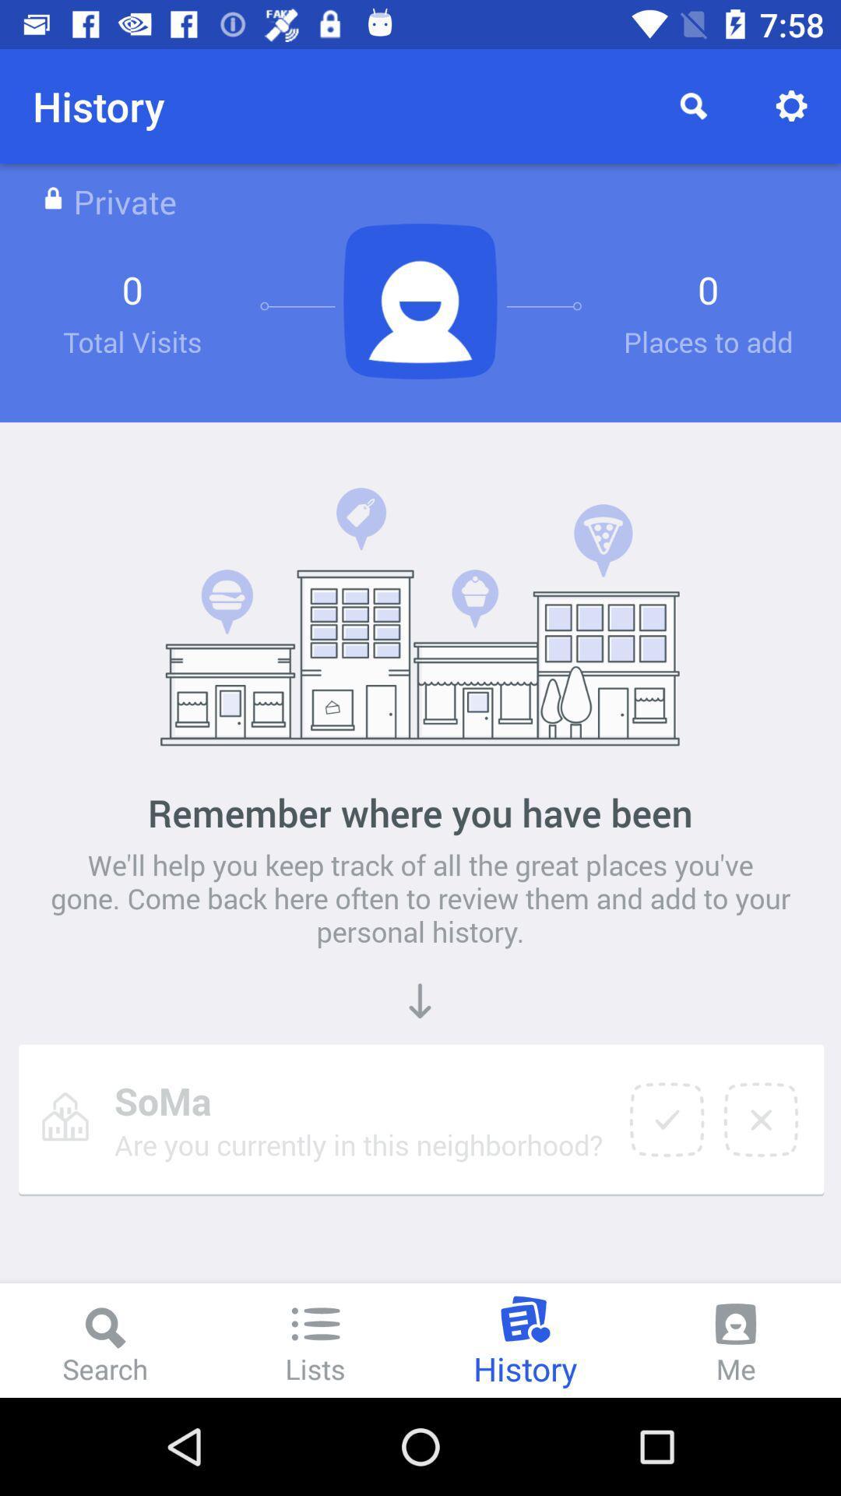 This screenshot has height=1496, width=841. Describe the element at coordinates (760, 1119) in the screenshot. I see `item below the we ll help item` at that location.